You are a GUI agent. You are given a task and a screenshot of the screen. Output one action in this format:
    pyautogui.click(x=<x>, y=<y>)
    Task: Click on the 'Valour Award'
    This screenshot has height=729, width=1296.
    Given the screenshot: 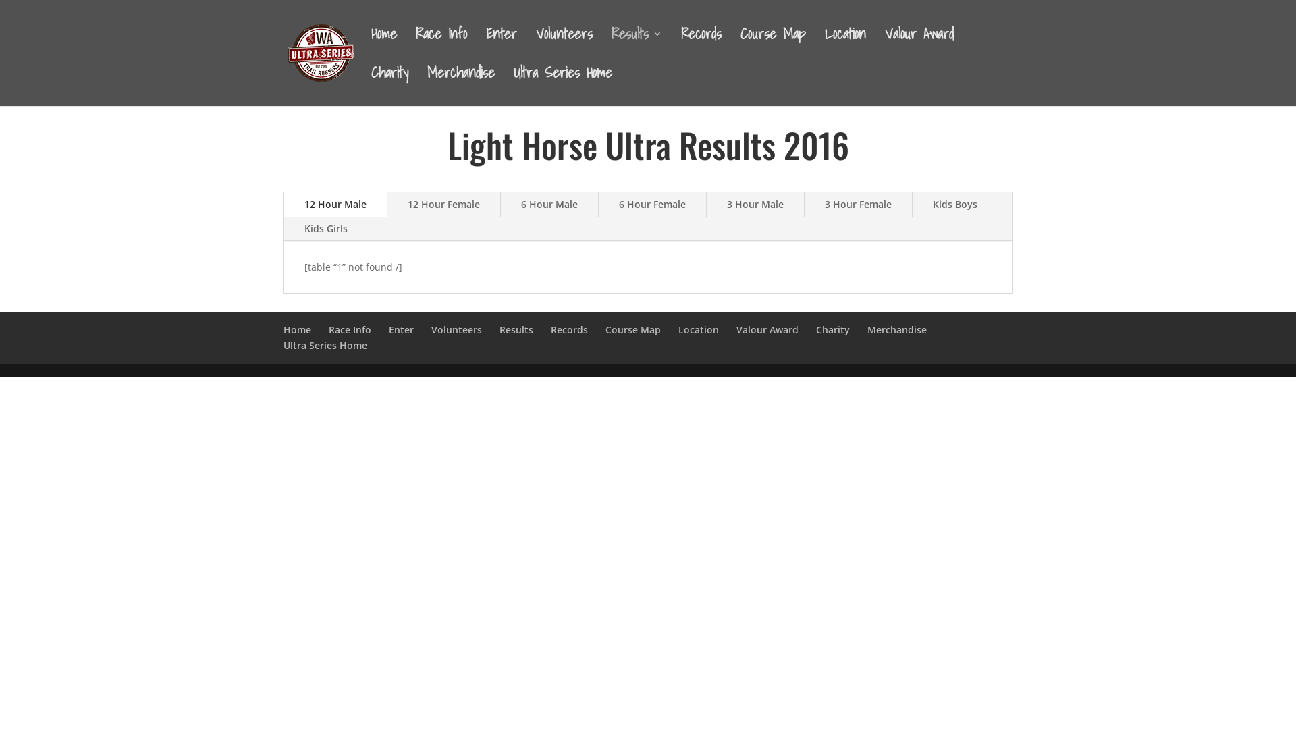 What is the action you would take?
    pyautogui.click(x=767, y=329)
    